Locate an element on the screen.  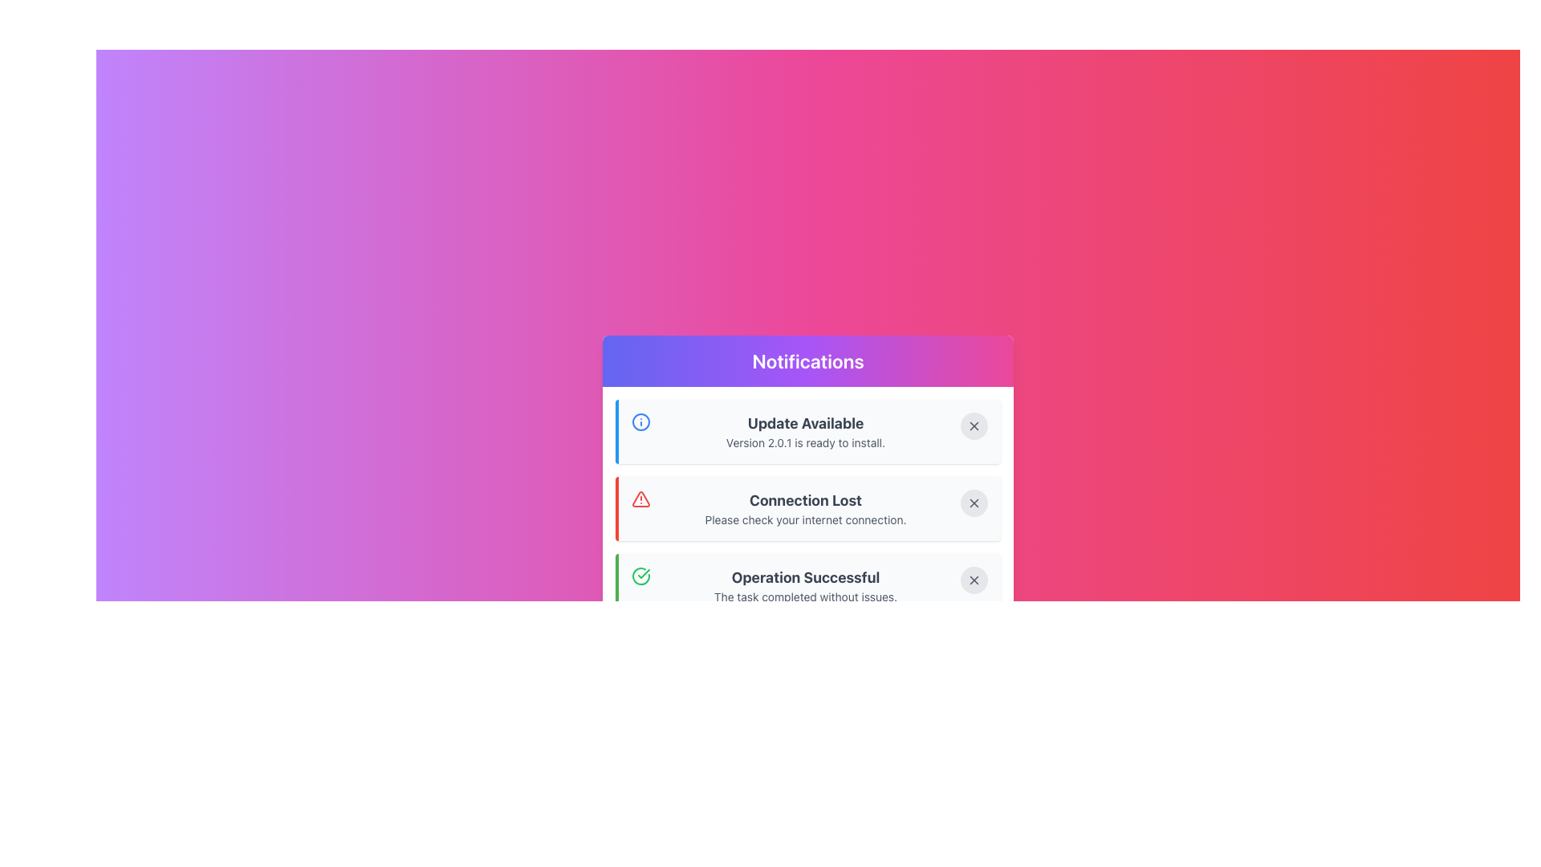
the close icon in the top-right corner of the 'Update Available' notification is located at coordinates (974, 425).